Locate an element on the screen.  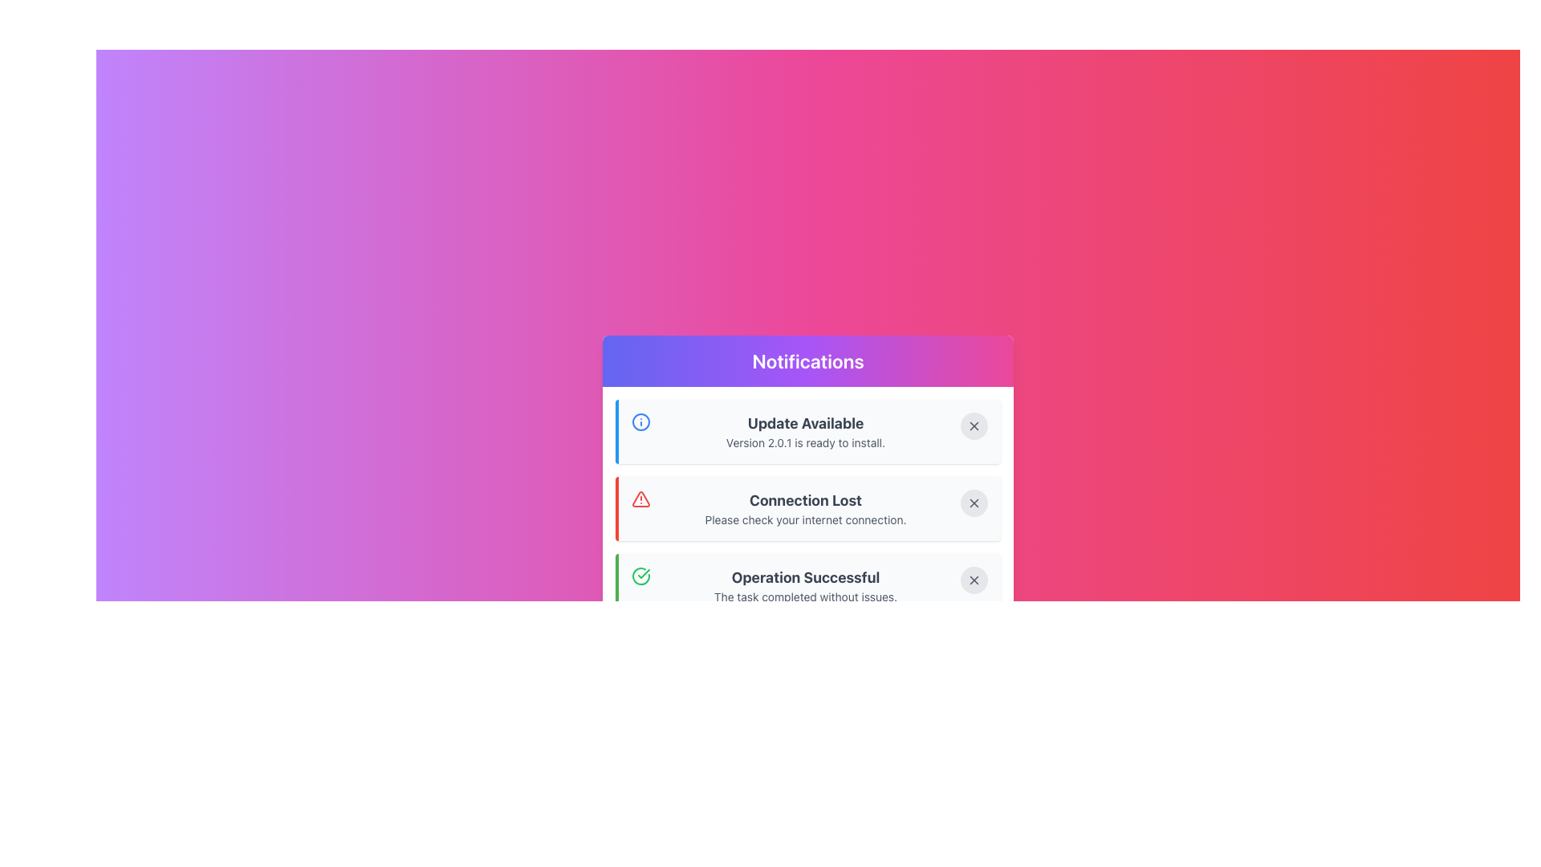
the close icon in the top-right corner of the 'Update Available' notification is located at coordinates (974, 425).